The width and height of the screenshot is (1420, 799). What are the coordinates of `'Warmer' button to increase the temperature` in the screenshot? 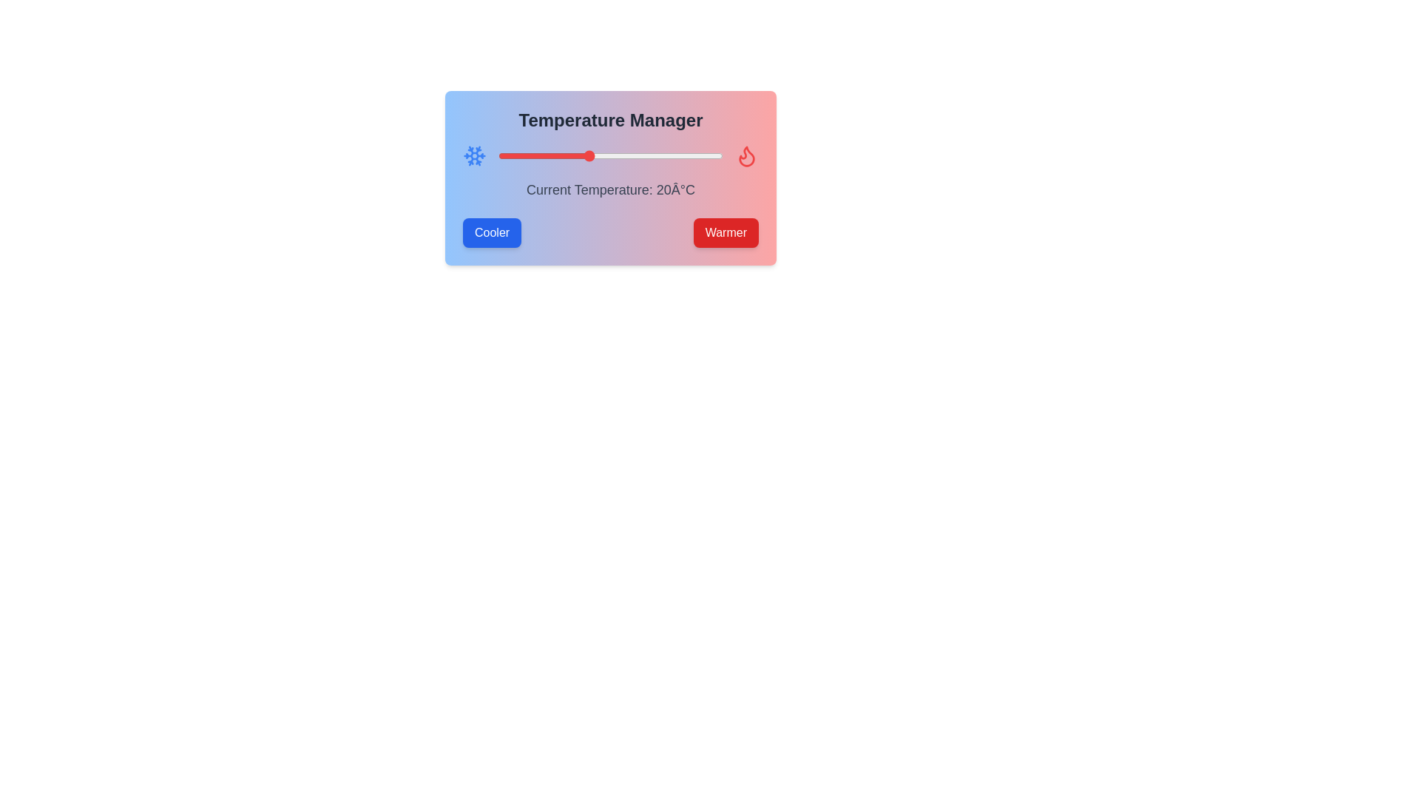 It's located at (726, 233).